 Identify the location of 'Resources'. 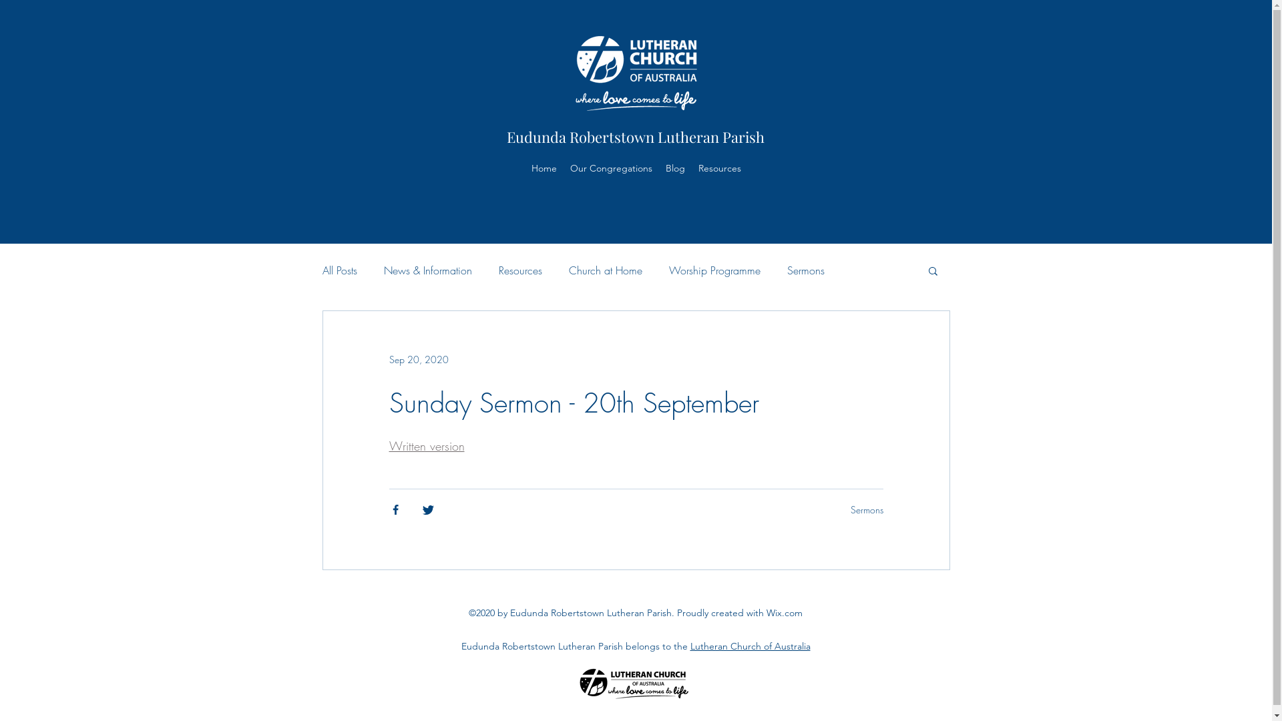
(519, 270).